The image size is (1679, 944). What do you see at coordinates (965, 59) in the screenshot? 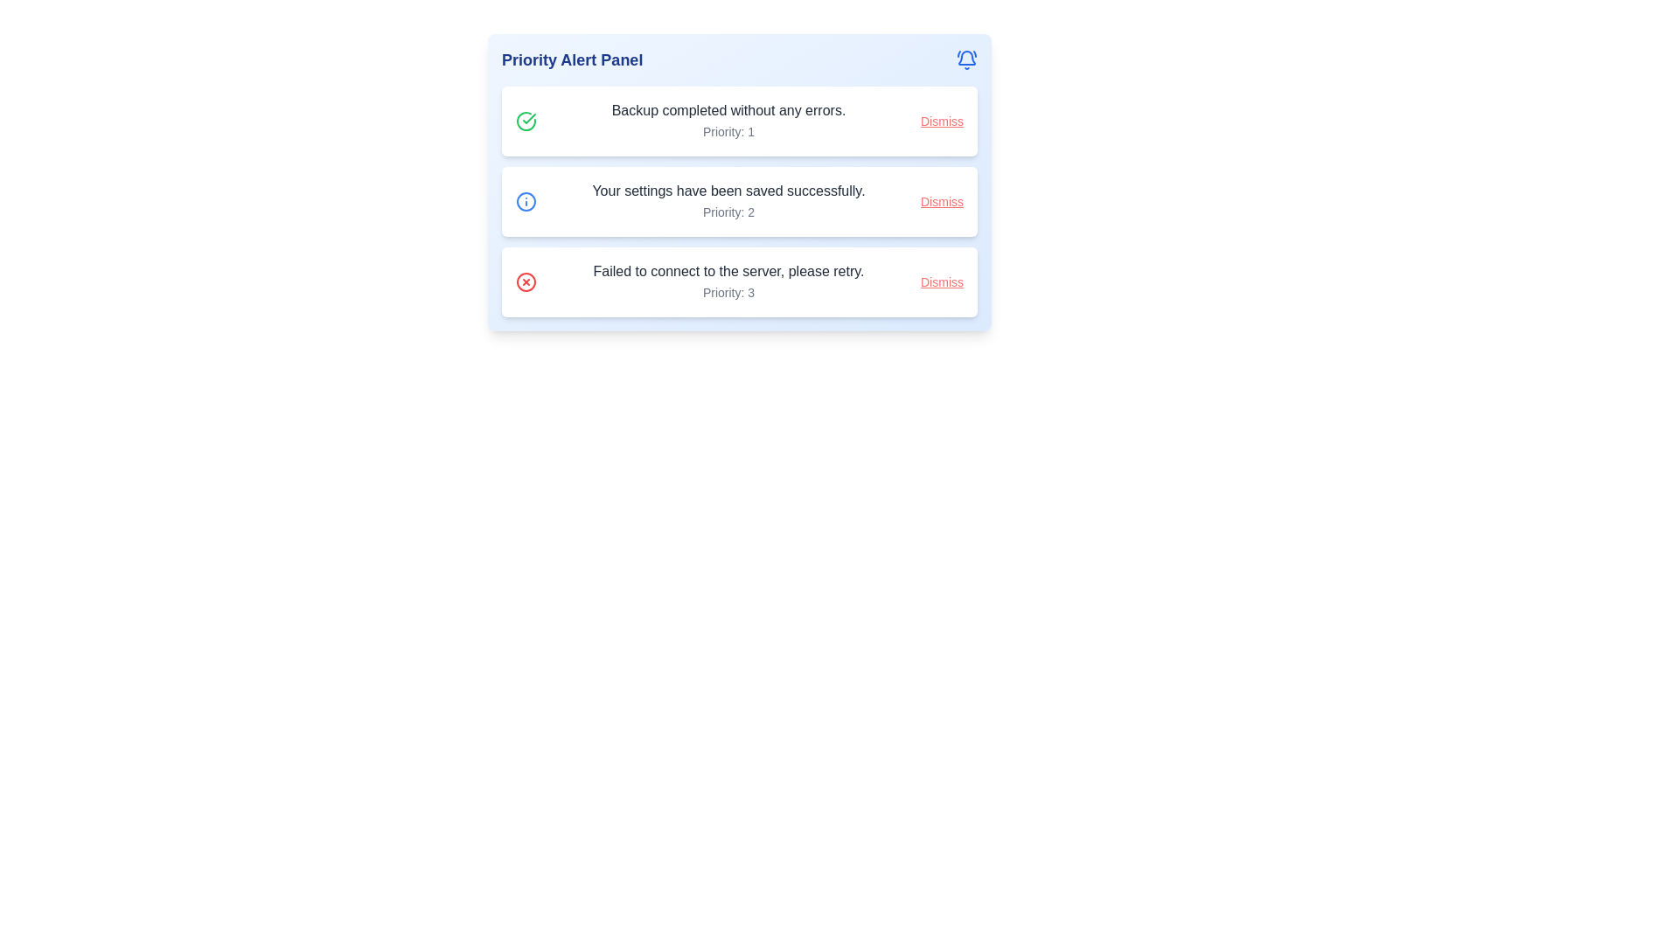
I see `the bell icon with a ringing indication, styled in blue, located at the top-right corner of the 'Priority Alert Panel'` at bounding box center [965, 59].